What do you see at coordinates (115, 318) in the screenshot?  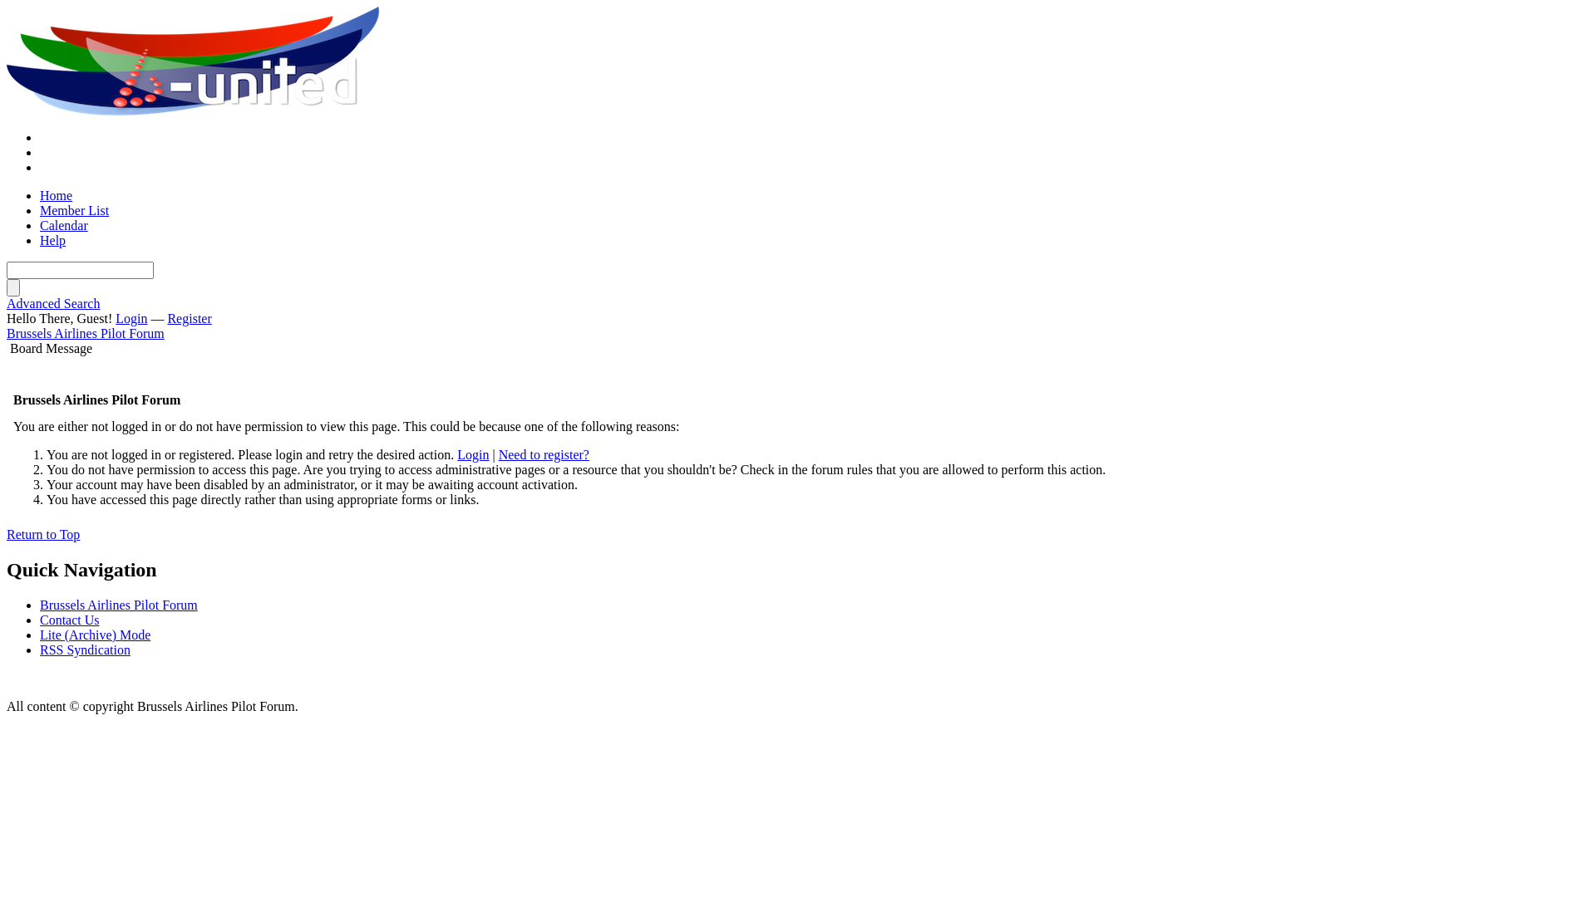 I see `'Login'` at bounding box center [115, 318].